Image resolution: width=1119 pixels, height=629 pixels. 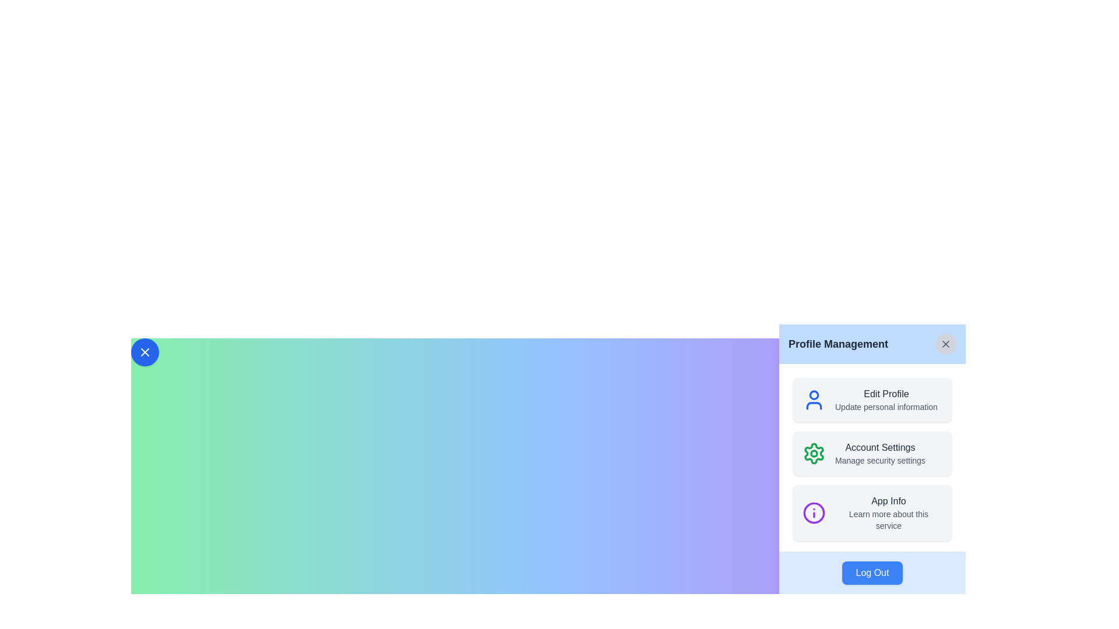 I want to click on the text label indicating the purpose of the associated section for editing personal profile information in the 'Profile Management' modal panel, so click(x=886, y=394).